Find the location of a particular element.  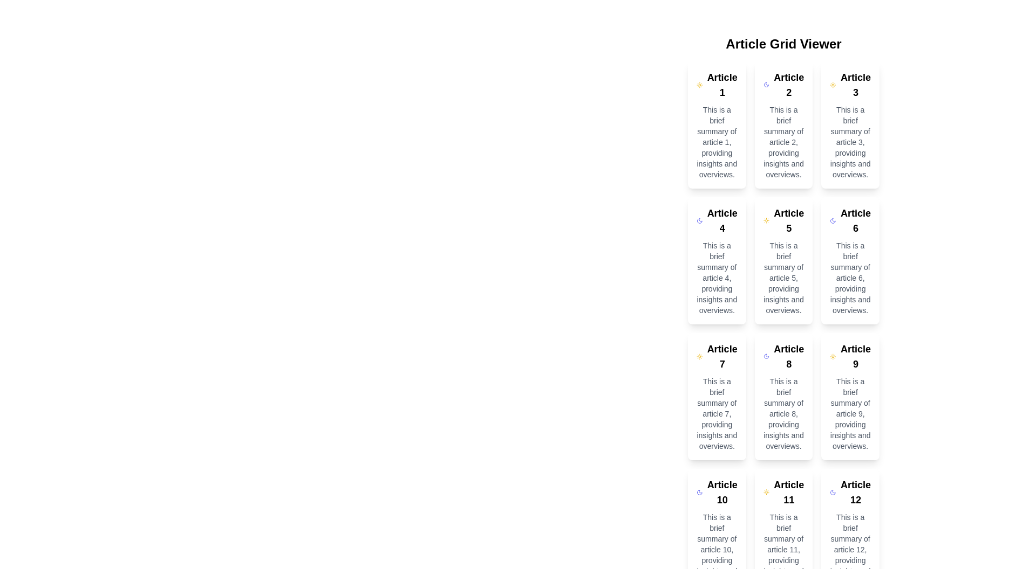

summary text of the Informational card titled 'Article 6', which is a white rectangular card located in the third row and third column of the grid structure is located at coordinates (850, 260).